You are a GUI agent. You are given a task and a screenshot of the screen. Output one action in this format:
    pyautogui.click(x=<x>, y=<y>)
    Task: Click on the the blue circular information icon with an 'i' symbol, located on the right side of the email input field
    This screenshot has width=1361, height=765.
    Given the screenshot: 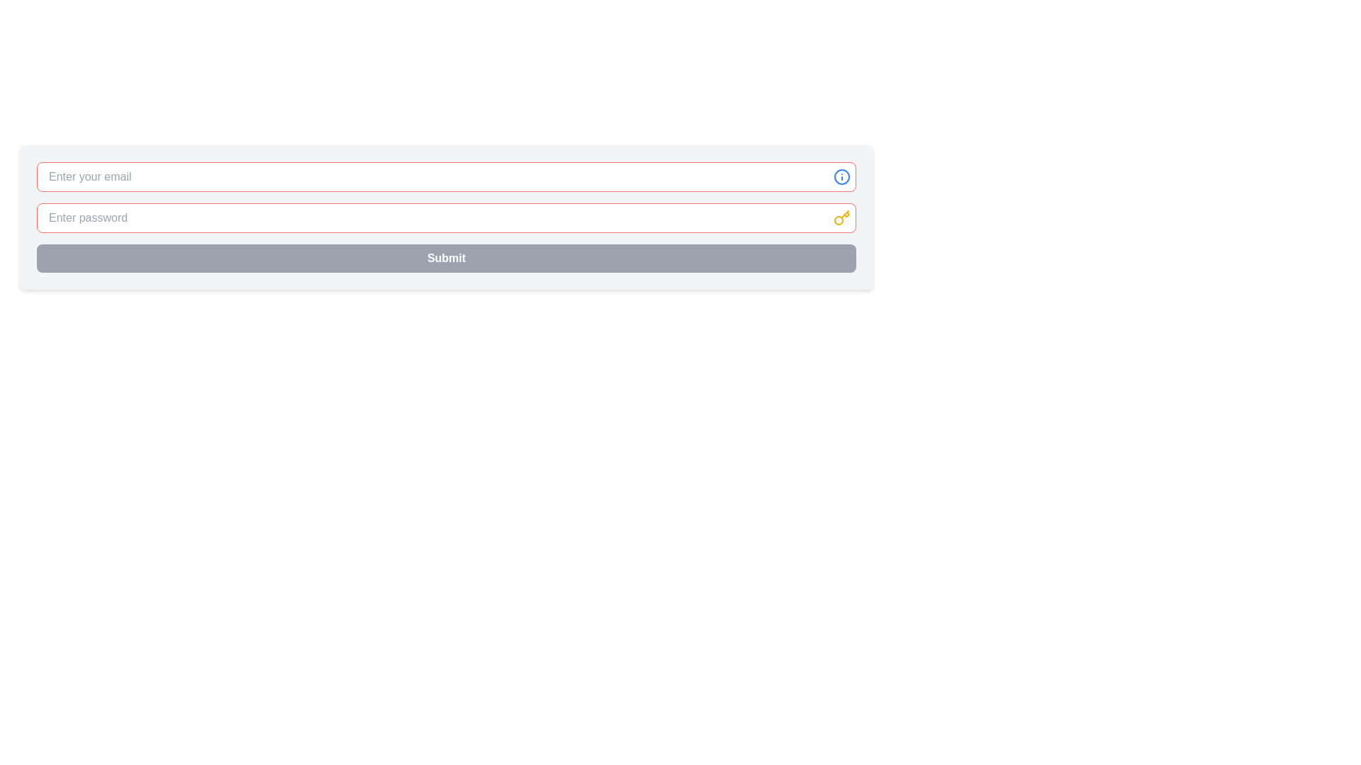 What is the action you would take?
    pyautogui.click(x=842, y=176)
    